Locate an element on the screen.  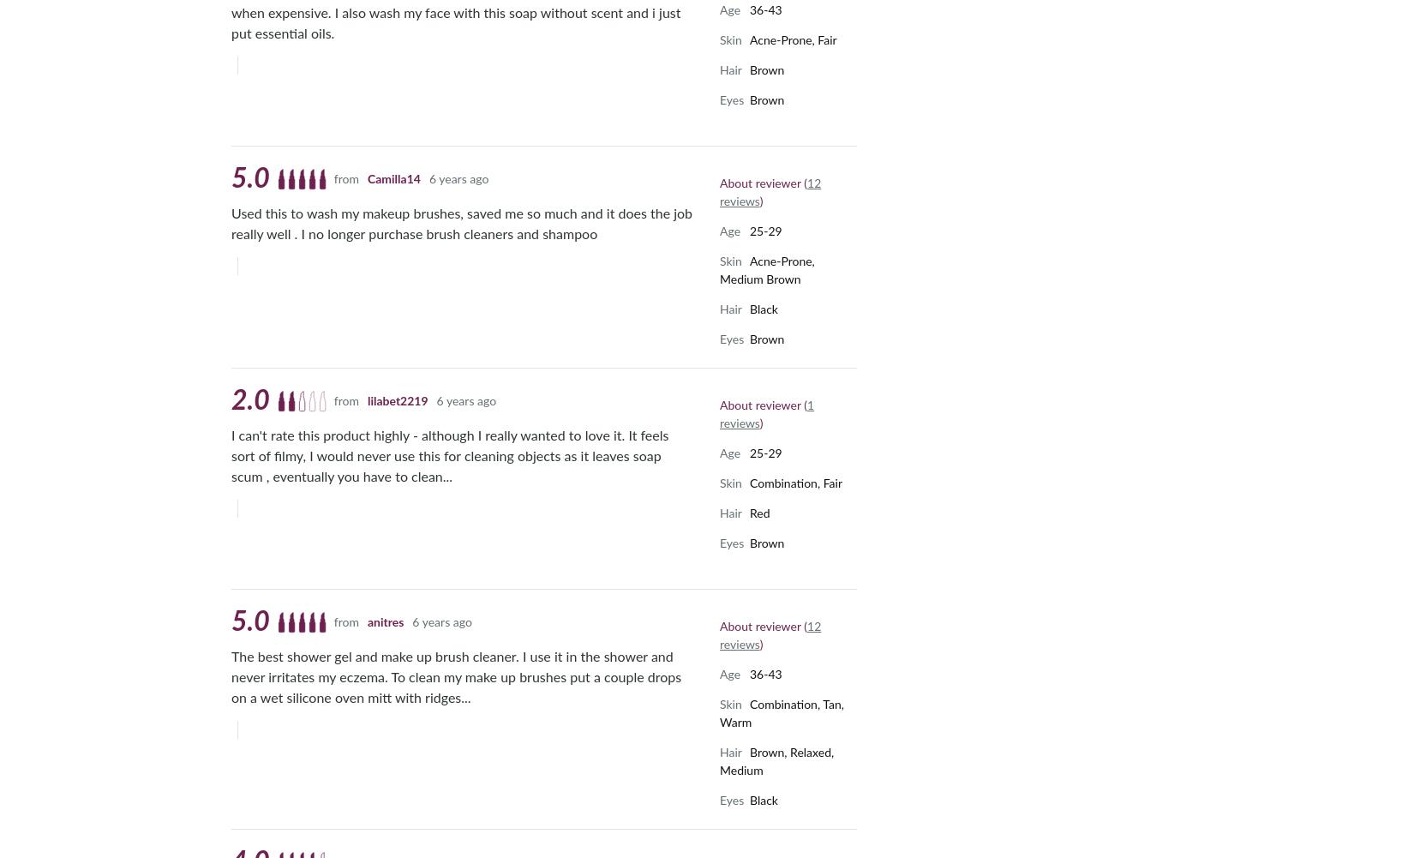
'Red' is located at coordinates (759, 513).